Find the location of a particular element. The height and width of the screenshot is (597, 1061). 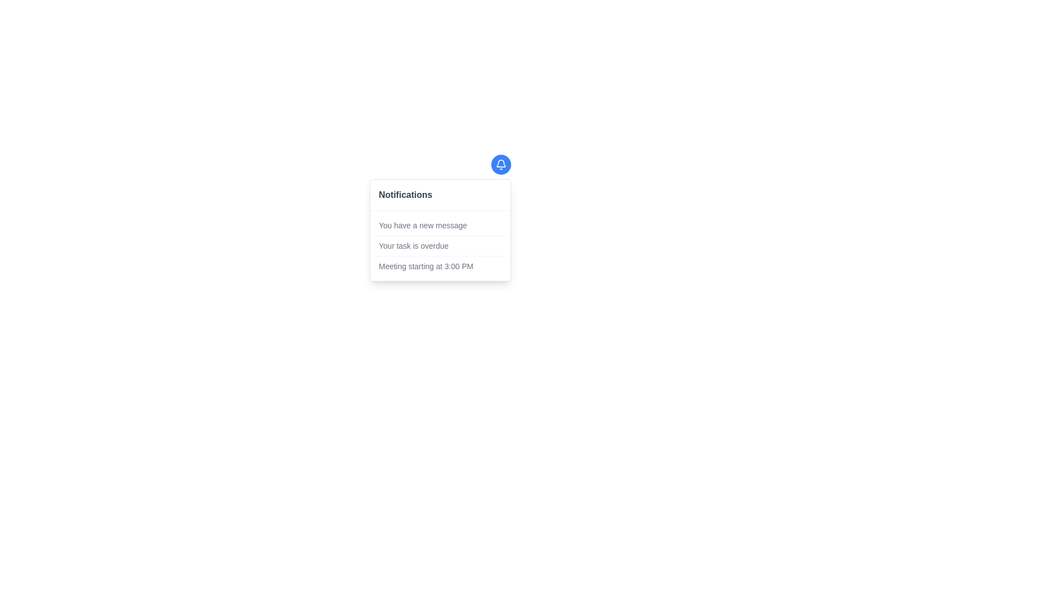

text from the notification count message located in the top section of the notification dropdown panel, specifically the first notification message in the list is located at coordinates (422, 225).